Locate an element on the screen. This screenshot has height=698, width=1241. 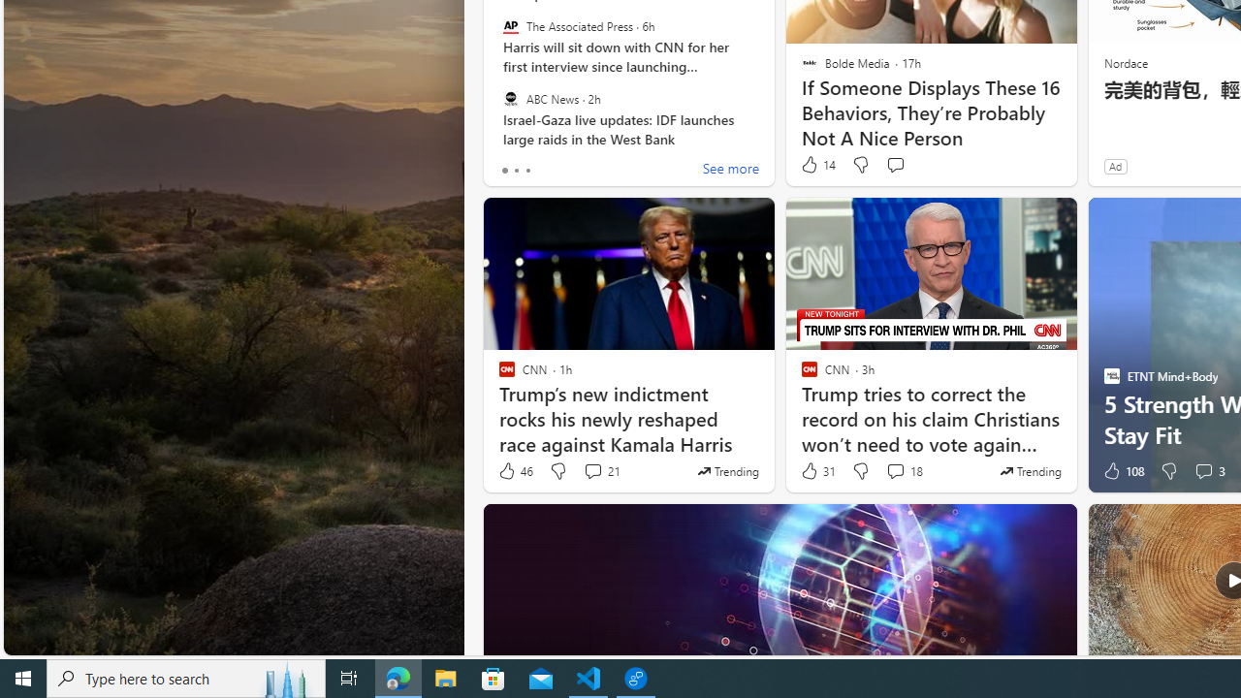
'View comments 3 Comment' is located at coordinates (1202, 471).